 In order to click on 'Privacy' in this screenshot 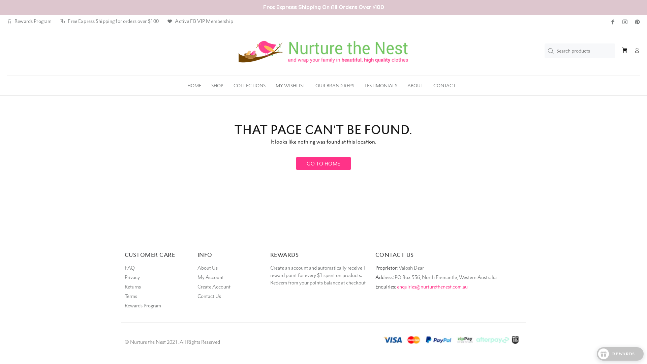, I will do `click(124, 277)`.